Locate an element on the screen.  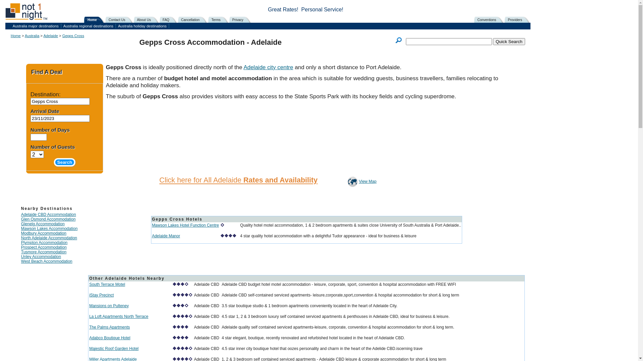
'The Palms Apartments' is located at coordinates (109, 327).